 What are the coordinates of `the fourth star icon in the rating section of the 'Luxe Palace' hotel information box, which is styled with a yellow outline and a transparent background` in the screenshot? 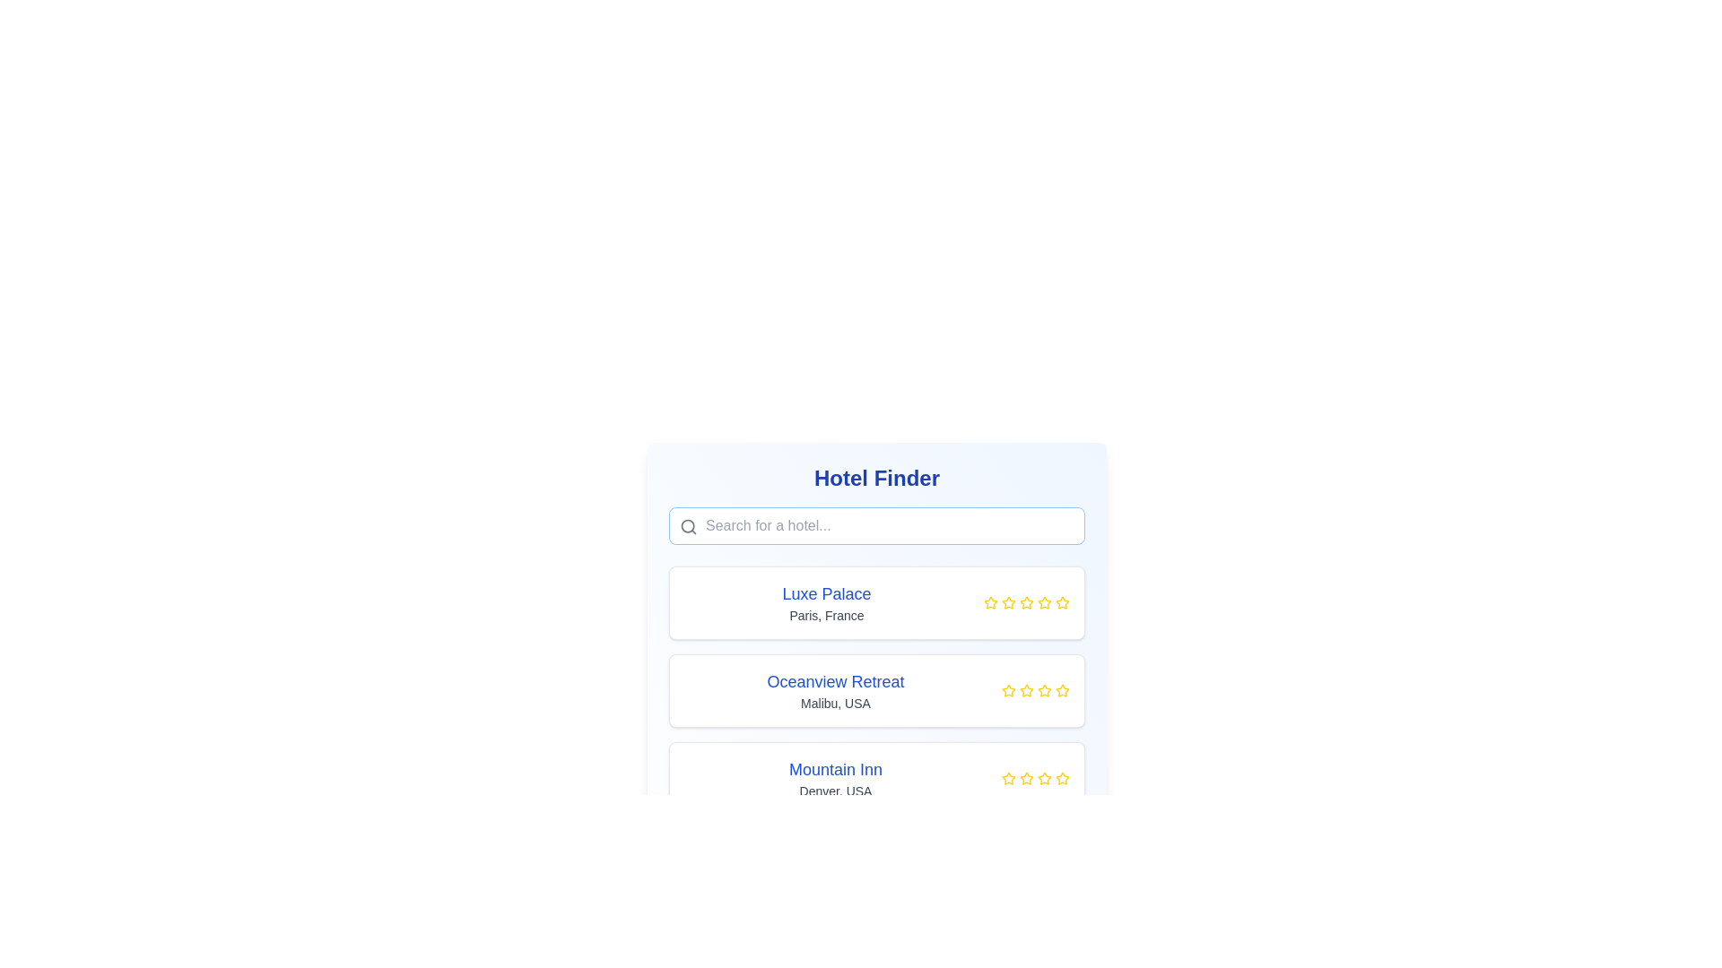 It's located at (1063, 602).